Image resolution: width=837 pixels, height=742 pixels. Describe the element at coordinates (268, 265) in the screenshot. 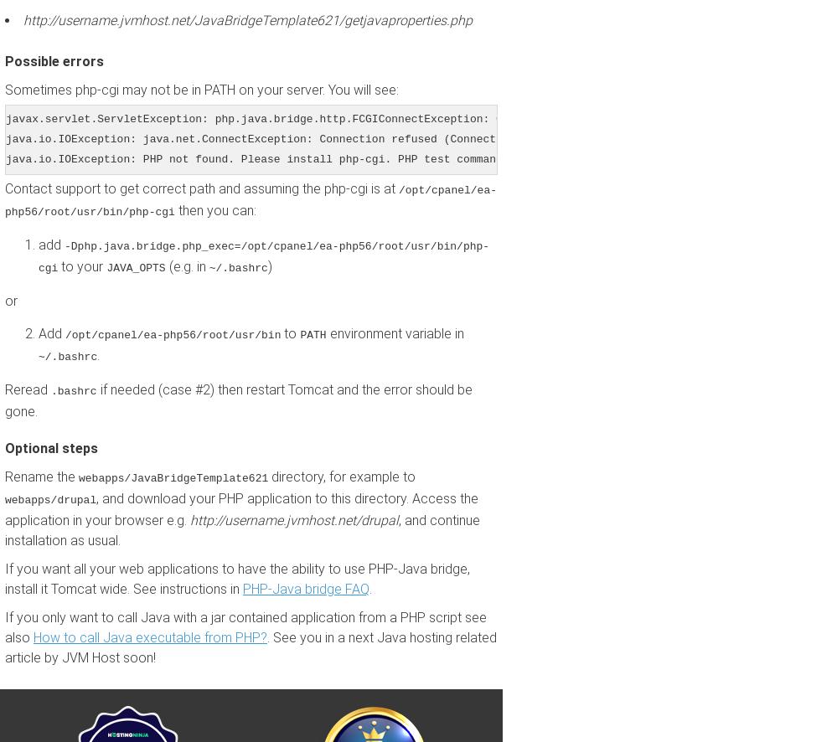

I see `')'` at that location.